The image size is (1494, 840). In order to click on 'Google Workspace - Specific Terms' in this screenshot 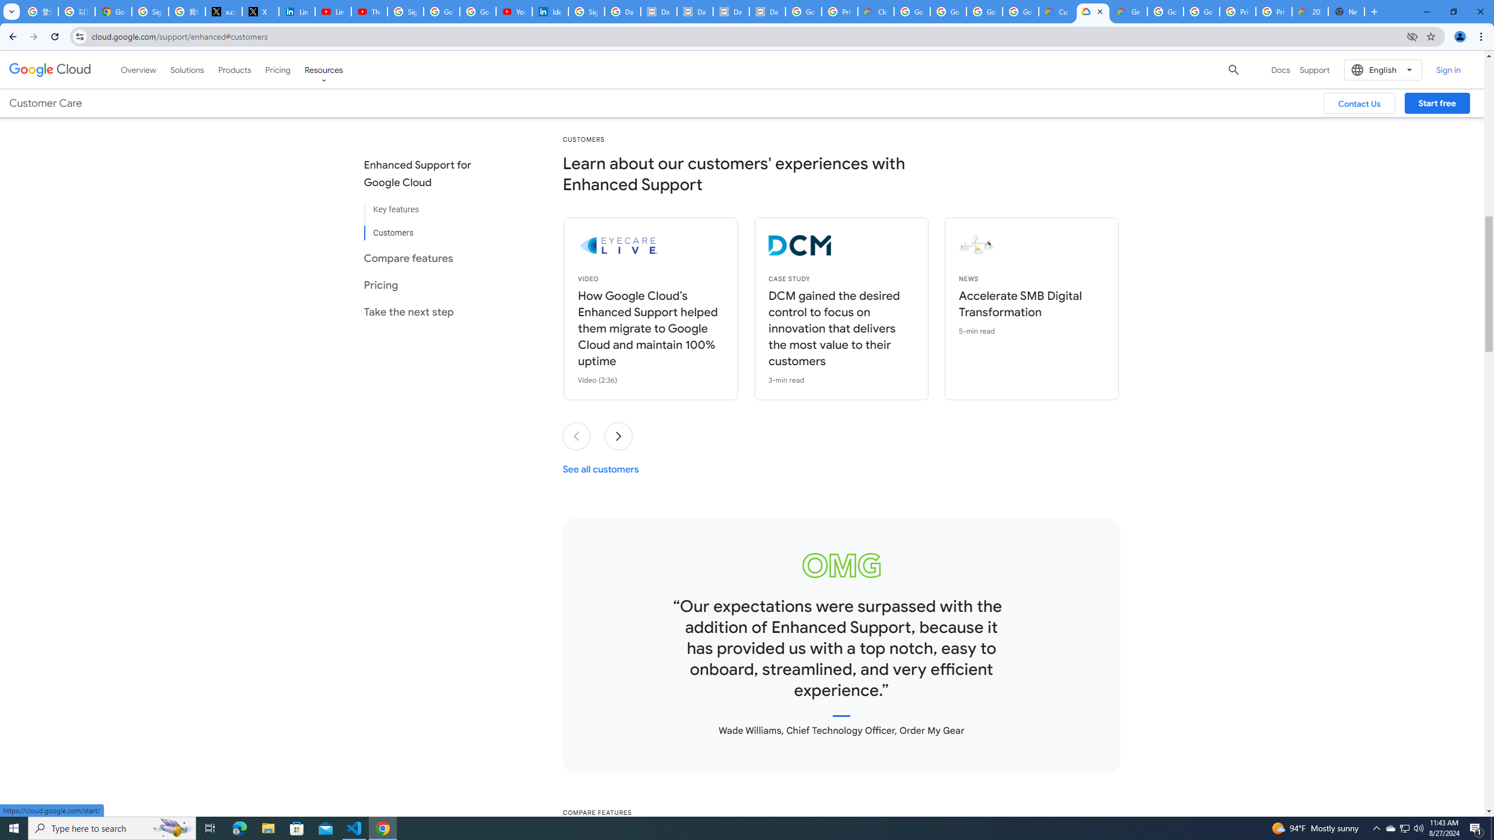, I will do `click(1020, 11)`.